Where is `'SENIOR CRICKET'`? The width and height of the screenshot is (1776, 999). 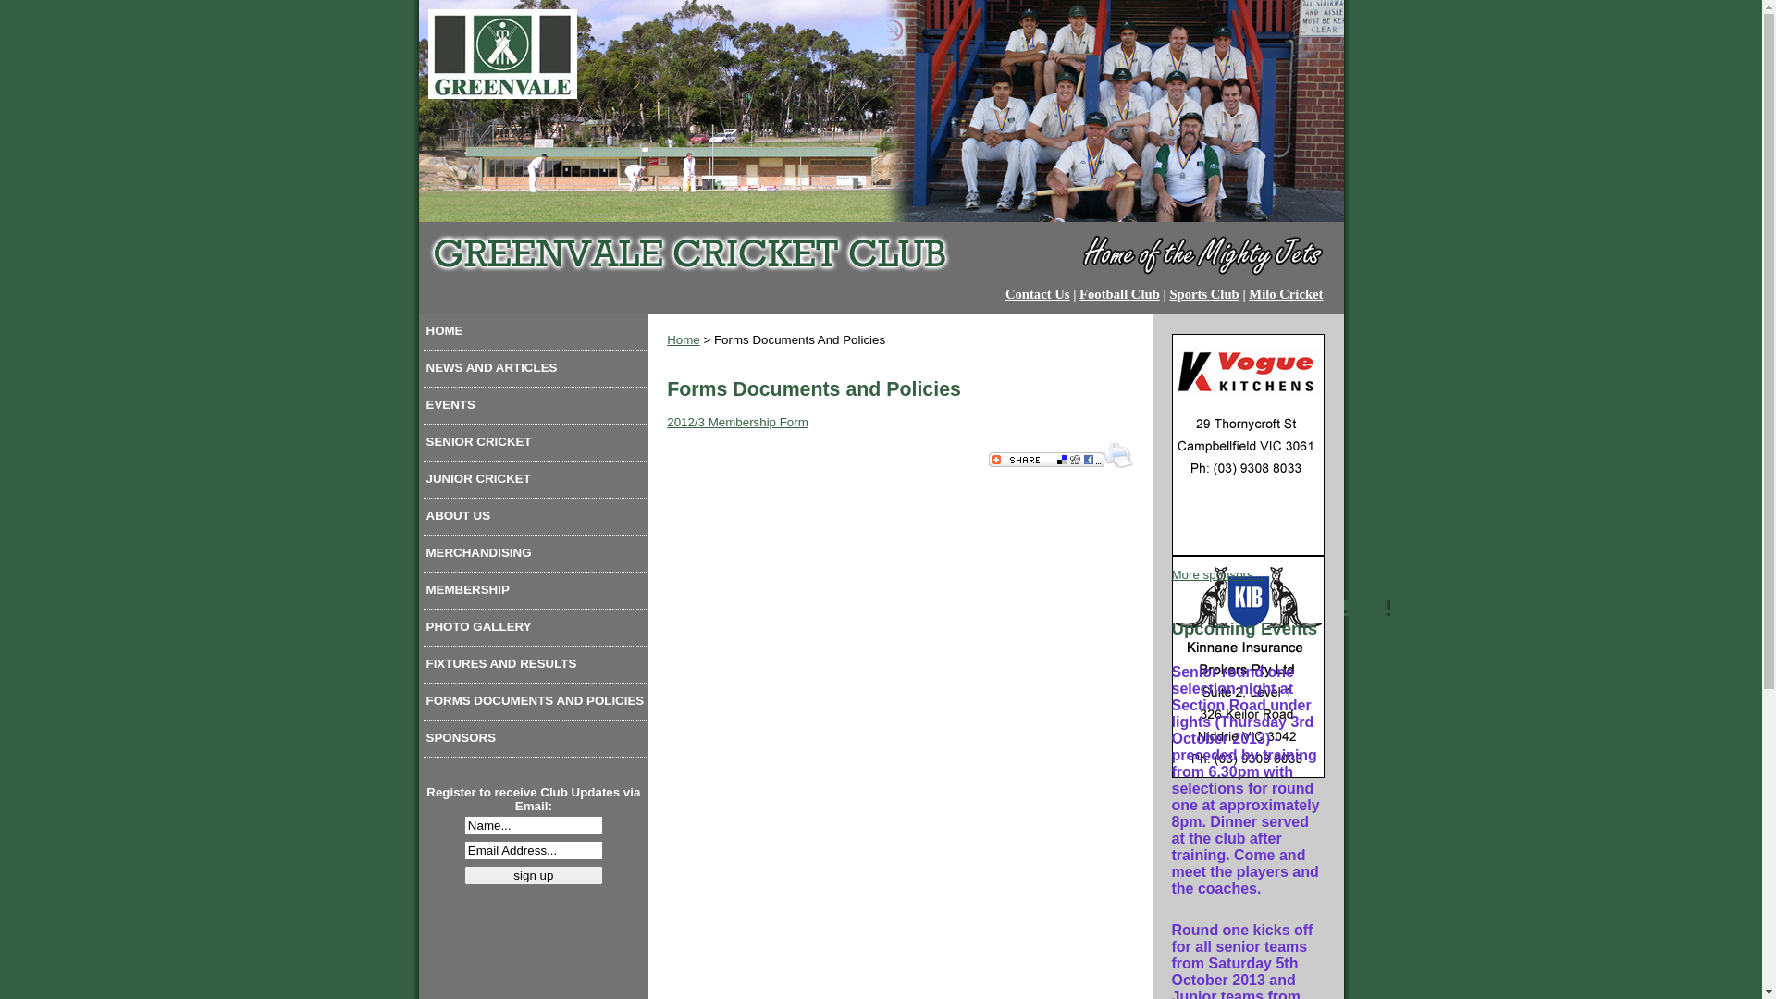 'SENIOR CRICKET' is located at coordinates (422, 446).